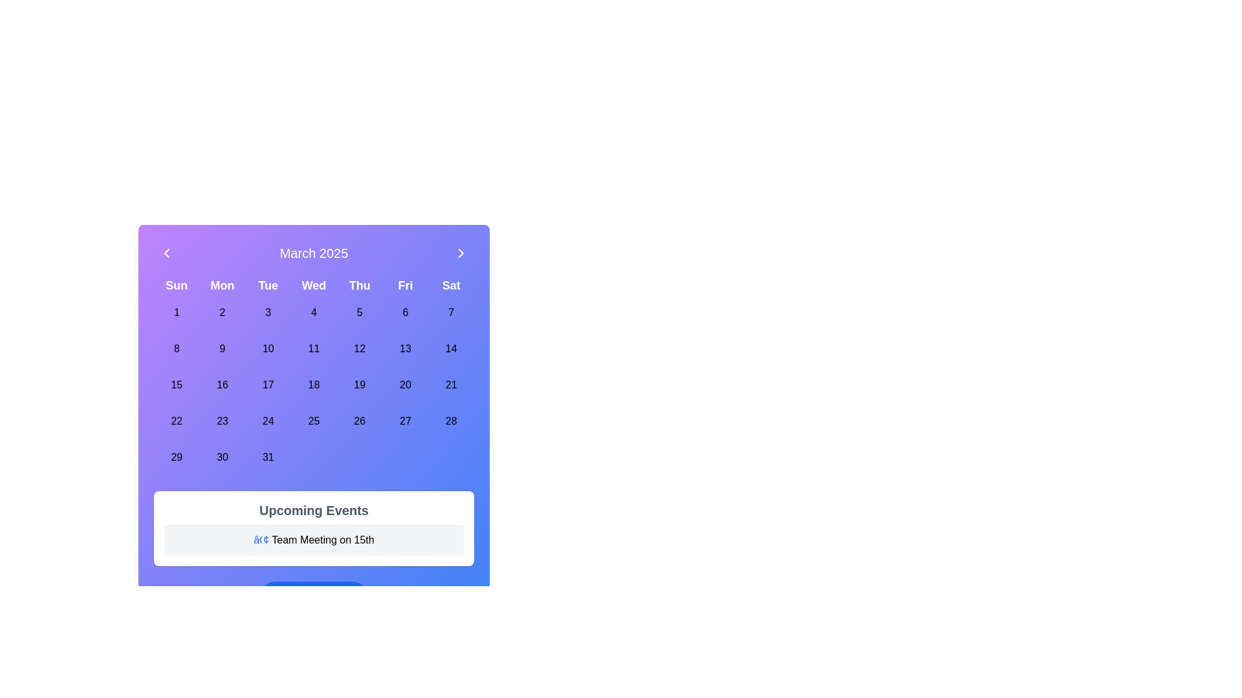  I want to click on the interactive calendar date button labeled '15', so click(176, 385).